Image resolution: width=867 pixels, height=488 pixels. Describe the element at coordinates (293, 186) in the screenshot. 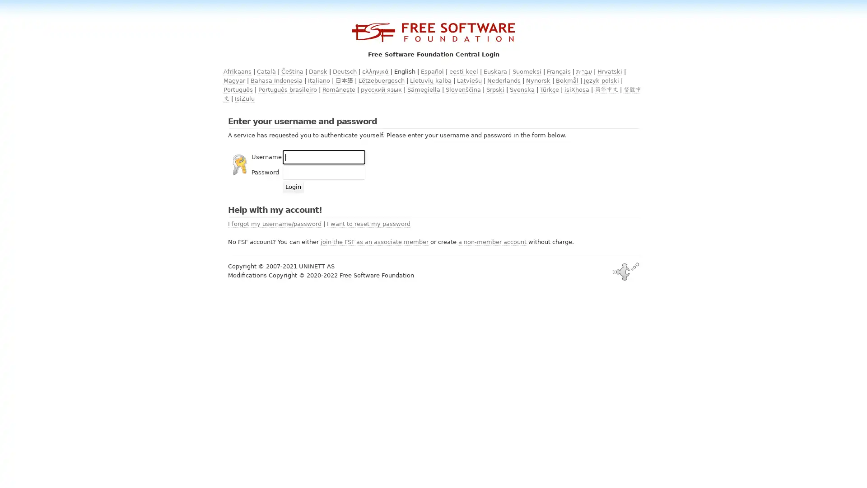

I see `Login` at that location.